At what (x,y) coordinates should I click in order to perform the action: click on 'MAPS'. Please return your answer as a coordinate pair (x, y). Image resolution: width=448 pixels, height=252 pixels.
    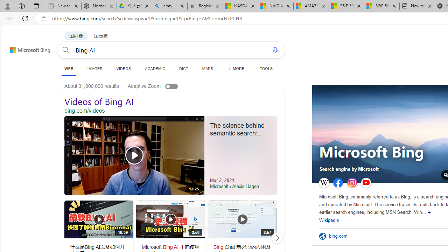
    Looking at the image, I should click on (207, 68).